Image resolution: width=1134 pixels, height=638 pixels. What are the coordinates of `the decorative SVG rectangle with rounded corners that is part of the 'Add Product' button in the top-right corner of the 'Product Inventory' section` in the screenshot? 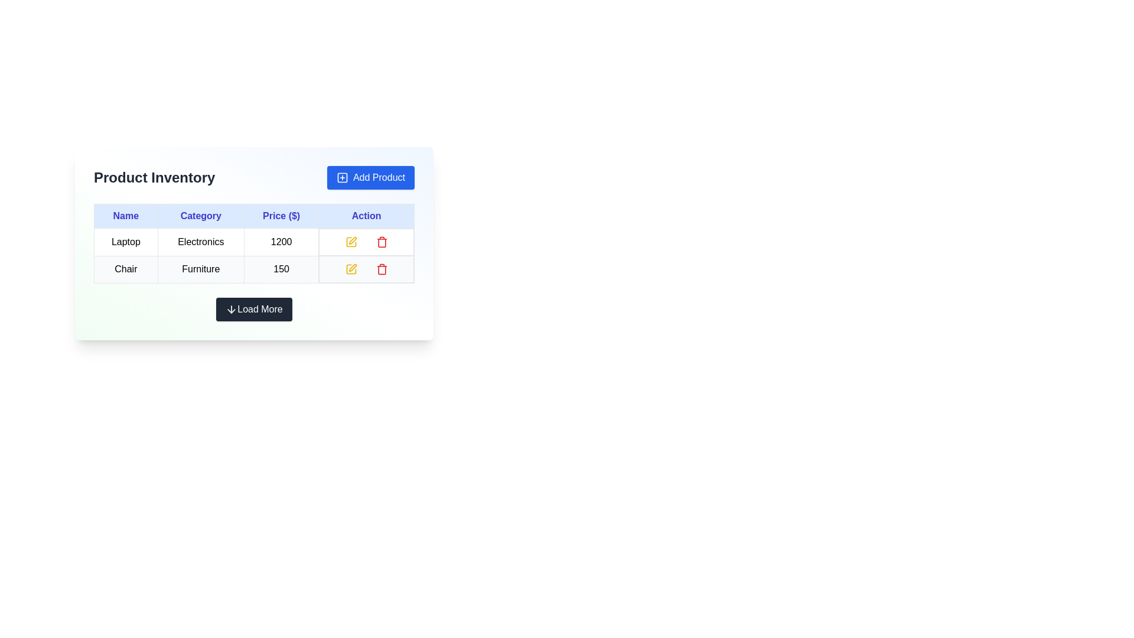 It's located at (342, 177).